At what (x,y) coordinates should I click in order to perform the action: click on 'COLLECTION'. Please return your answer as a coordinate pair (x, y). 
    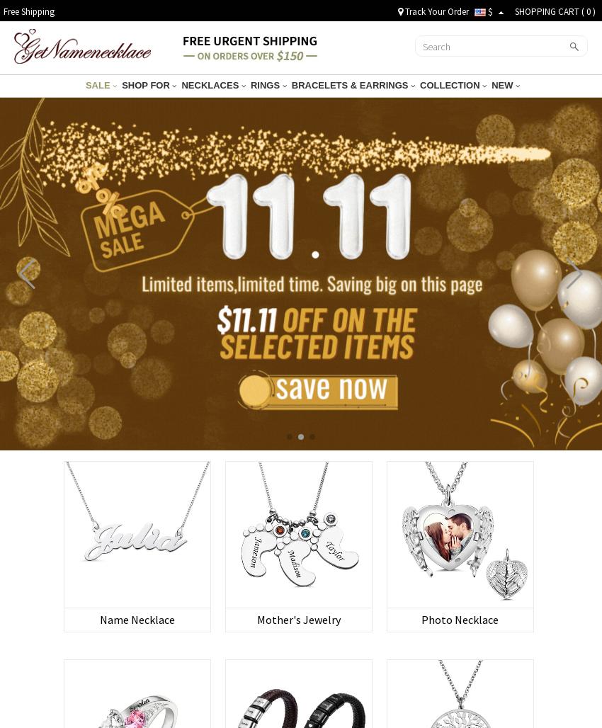
    Looking at the image, I should click on (450, 84).